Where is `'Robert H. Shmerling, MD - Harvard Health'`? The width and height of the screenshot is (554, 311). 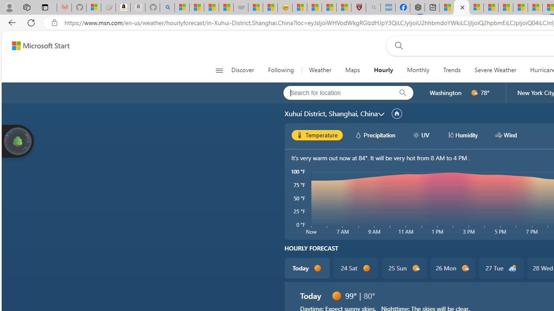 'Robert H. Shmerling, MD - Harvard Health' is located at coordinates (358, 7).